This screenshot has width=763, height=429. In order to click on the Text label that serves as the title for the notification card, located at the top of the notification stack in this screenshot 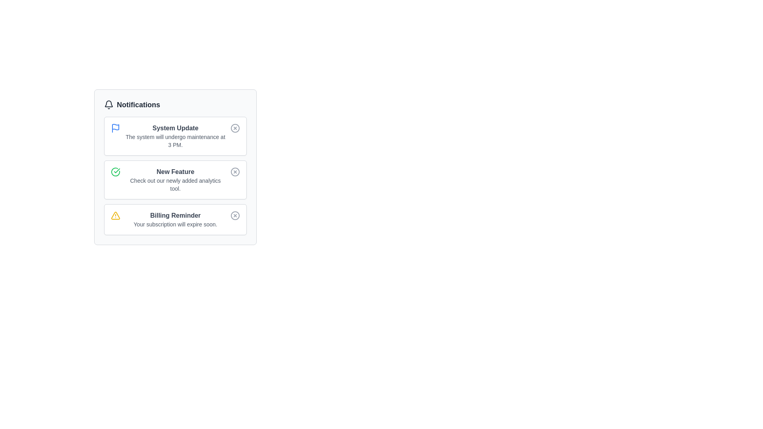, I will do `click(175, 128)`.